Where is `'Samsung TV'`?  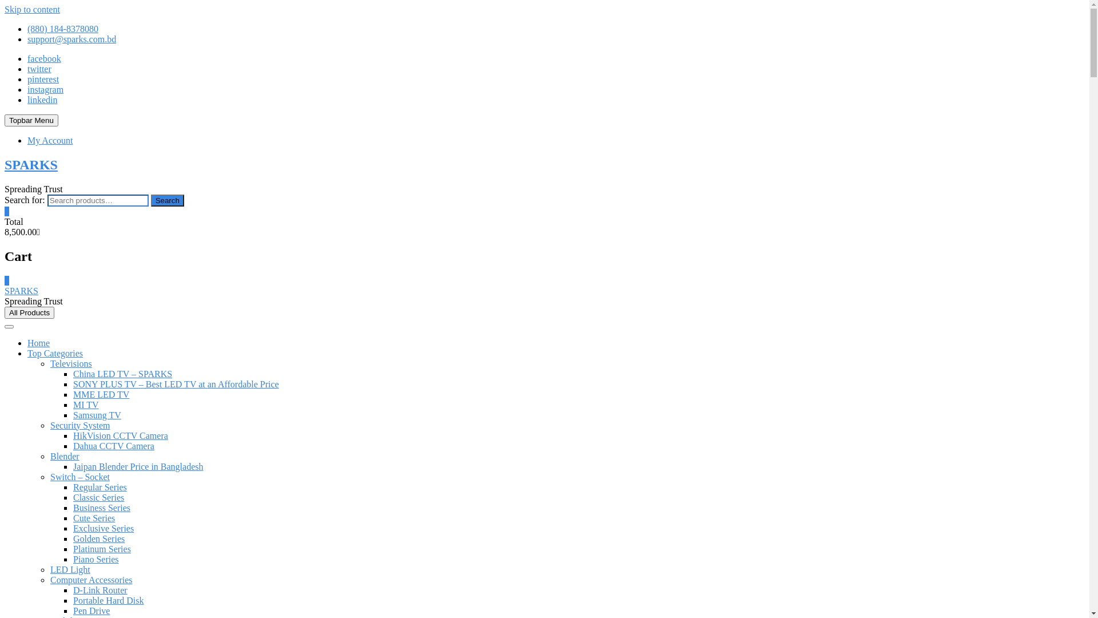 'Samsung TV' is located at coordinates (97, 415).